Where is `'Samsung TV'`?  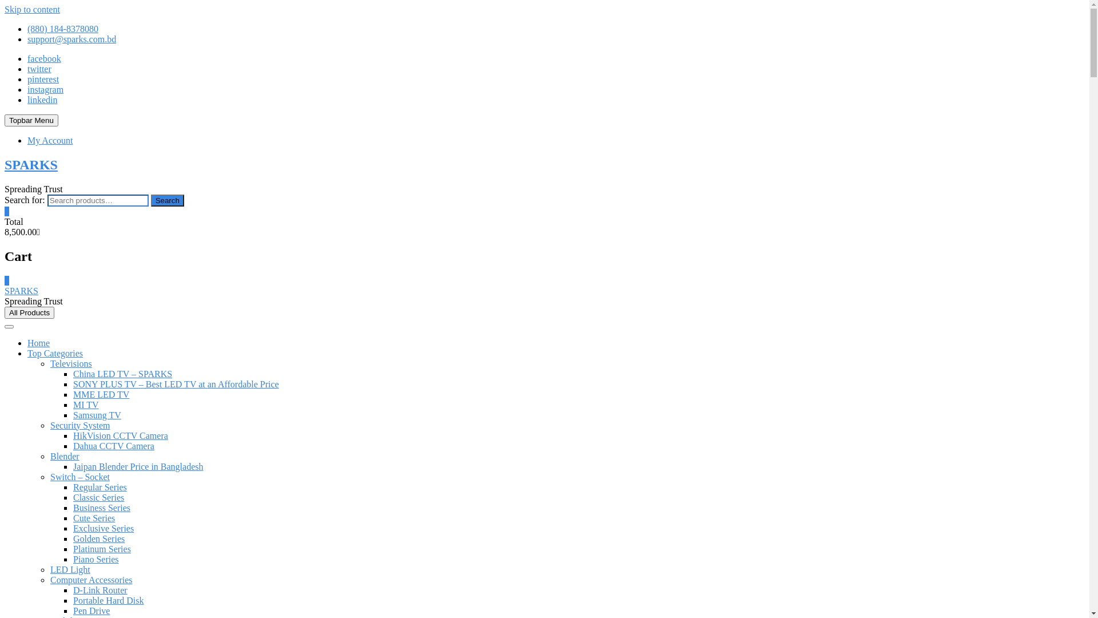 'Samsung TV' is located at coordinates (97, 415).